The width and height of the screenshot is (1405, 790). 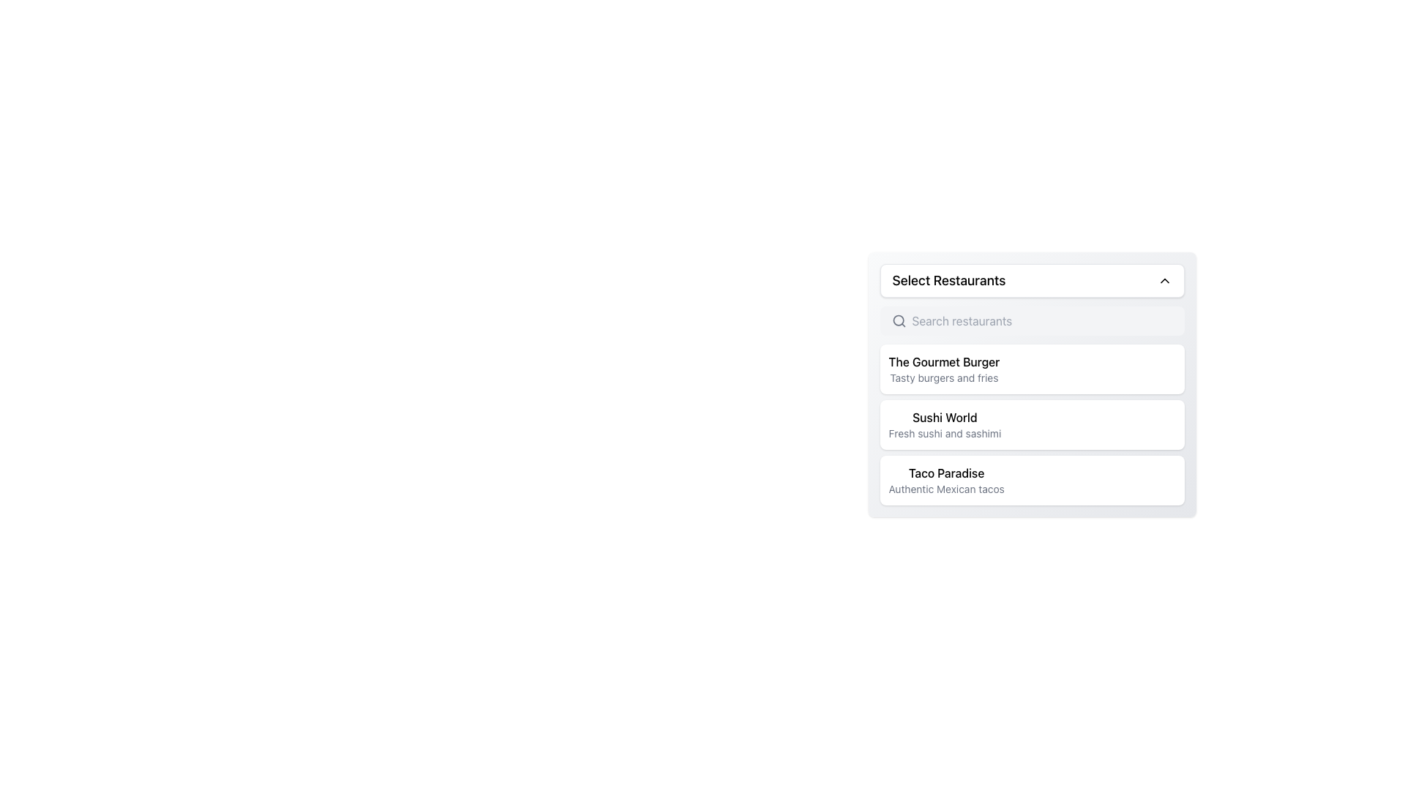 What do you see at coordinates (946, 473) in the screenshot?
I see `the 'Taco Paradise' text label, which displays the restaurant title prominently above its description` at bounding box center [946, 473].